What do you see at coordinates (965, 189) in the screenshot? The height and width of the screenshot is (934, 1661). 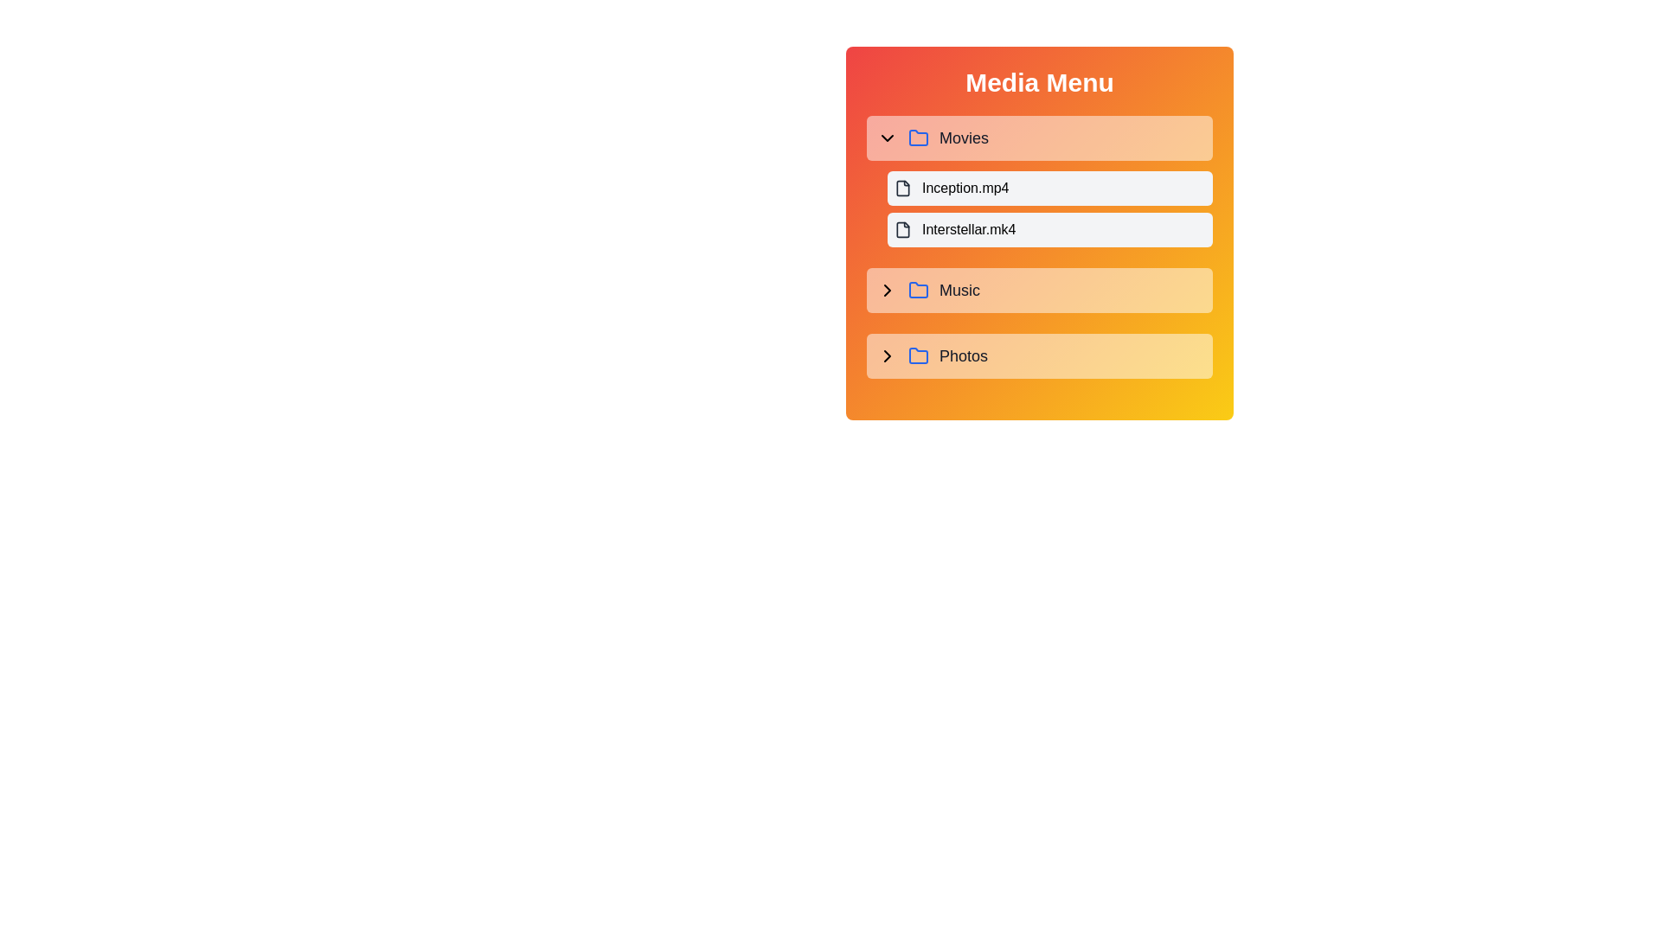 I see `the text label displaying 'Inception.mp4'` at bounding box center [965, 189].